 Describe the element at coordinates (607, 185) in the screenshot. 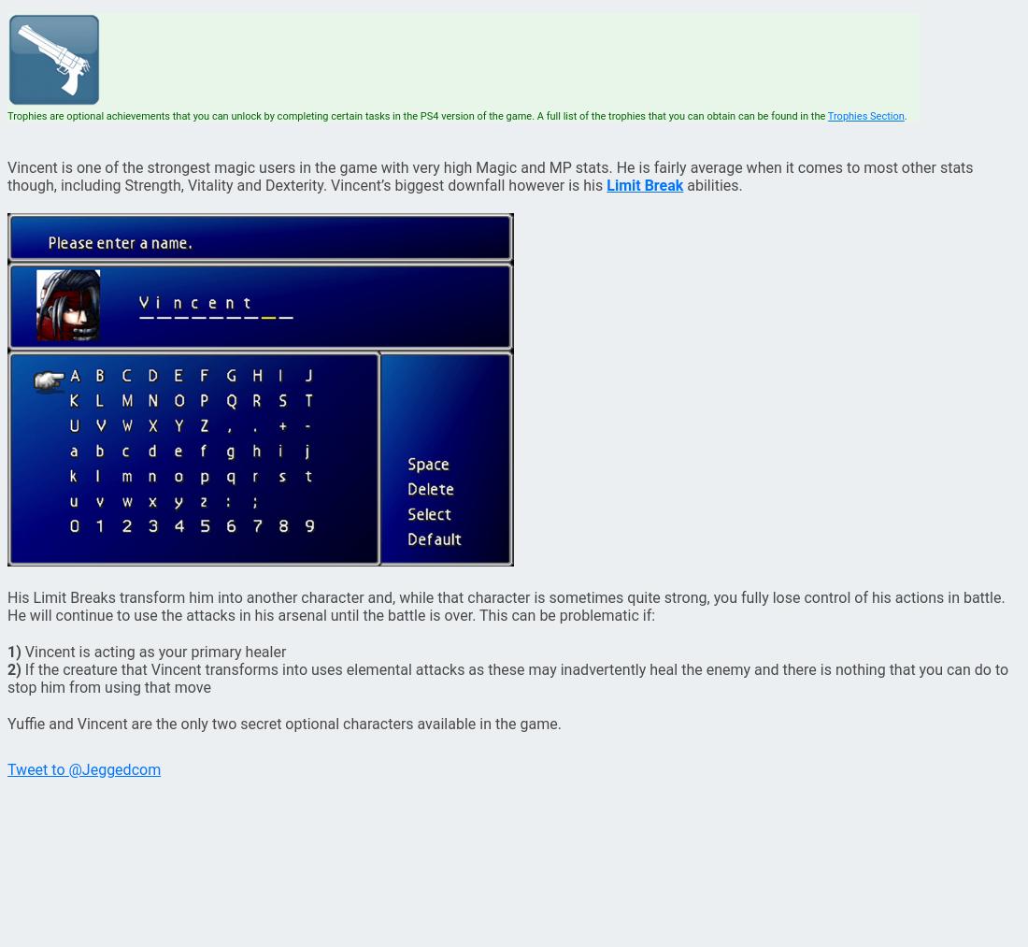

I see `'Limit Break'` at that location.